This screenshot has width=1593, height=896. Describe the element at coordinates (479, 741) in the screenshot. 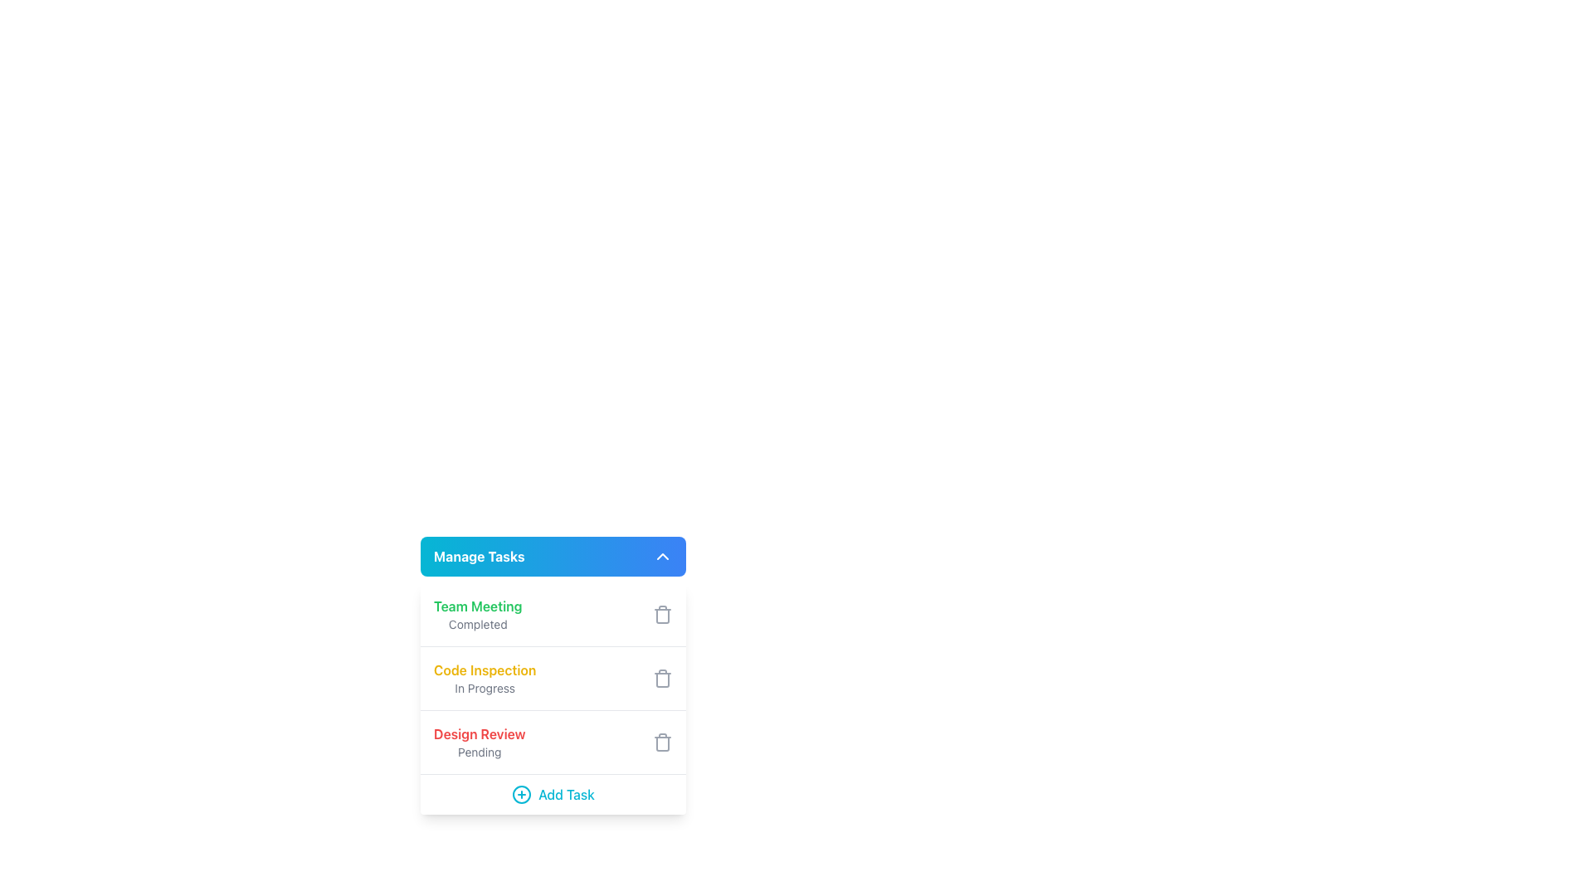

I see `the 'Design Review' task text display, which is currently marked as 'Pending' in the task list under the 'Manage Tasks' header` at that location.